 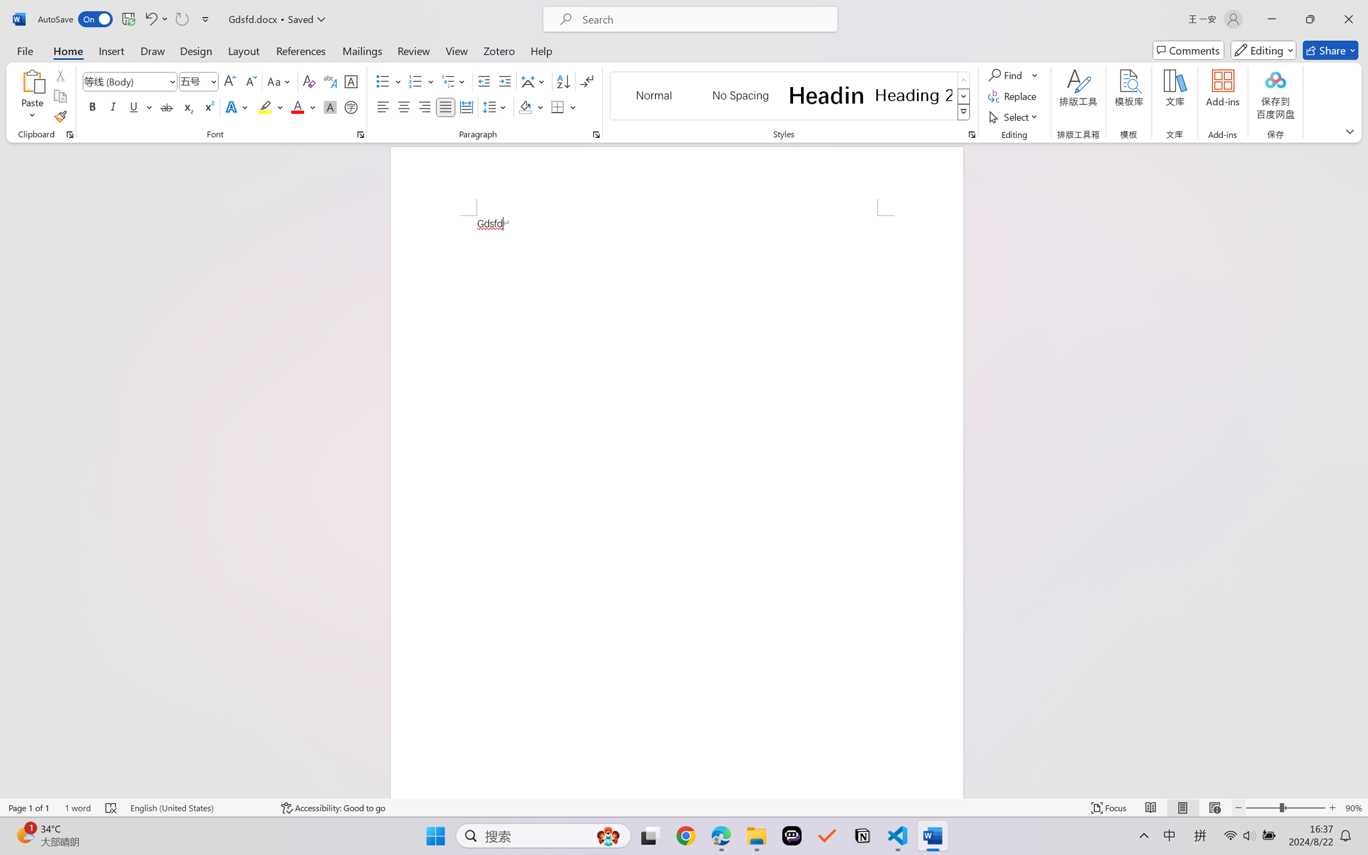 What do you see at coordinates (59, 117) in the screenshot?
I see `'Format Painter'` at bounding box center [59, 117].